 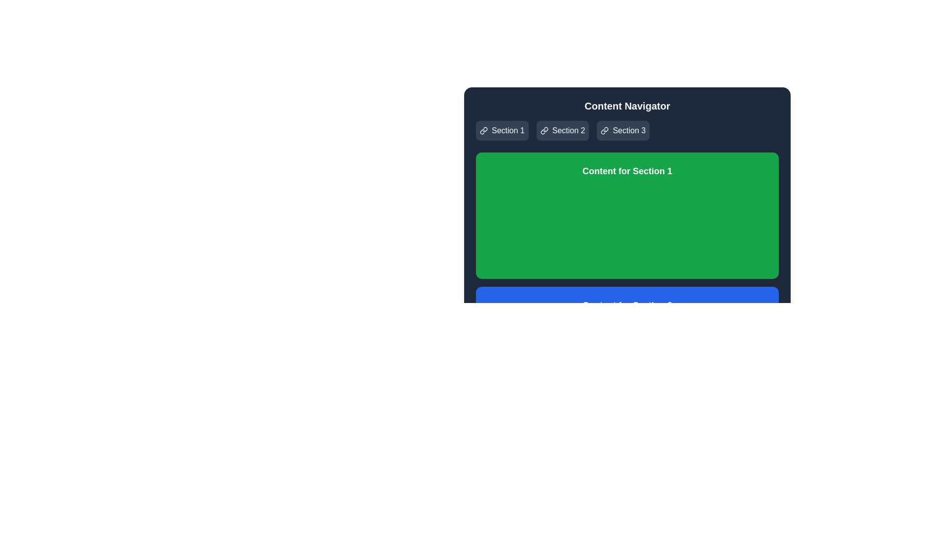 I want to click on the navigation button for 'Section 1' located in the top-right part of the interface to change its visual effect, so click(x=502, y=130).